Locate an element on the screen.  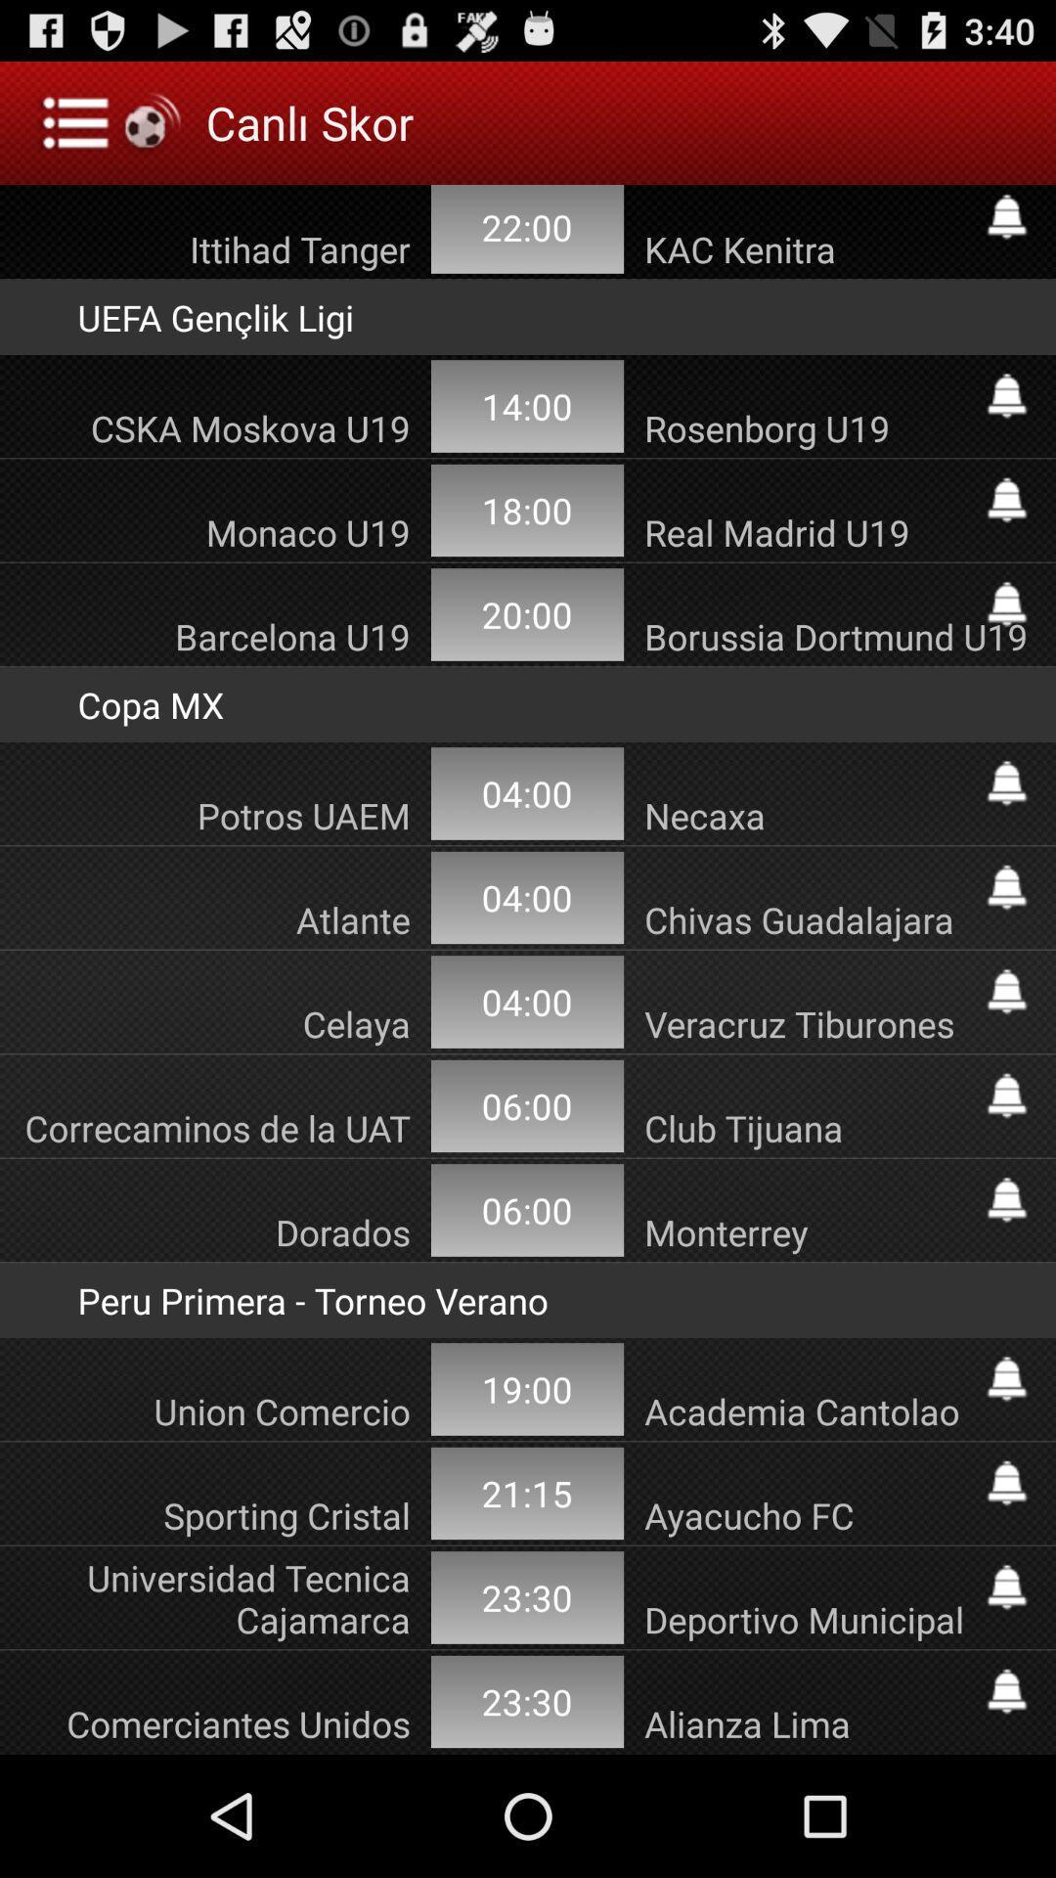
follow comerciantes unidos alianza lima is located at coordinates (1006, 1690).